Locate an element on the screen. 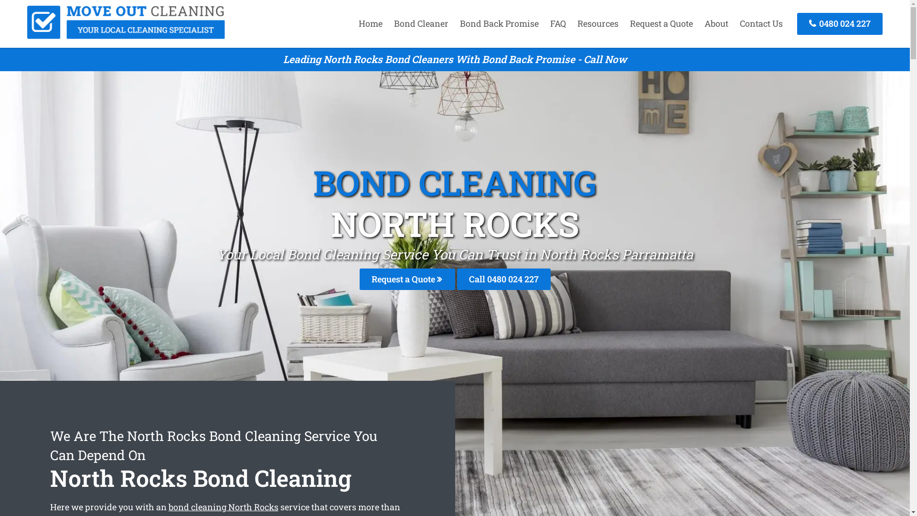 This screenshot has width=917, height=516. '0480 024 227' is located at coordinates (839, 23).